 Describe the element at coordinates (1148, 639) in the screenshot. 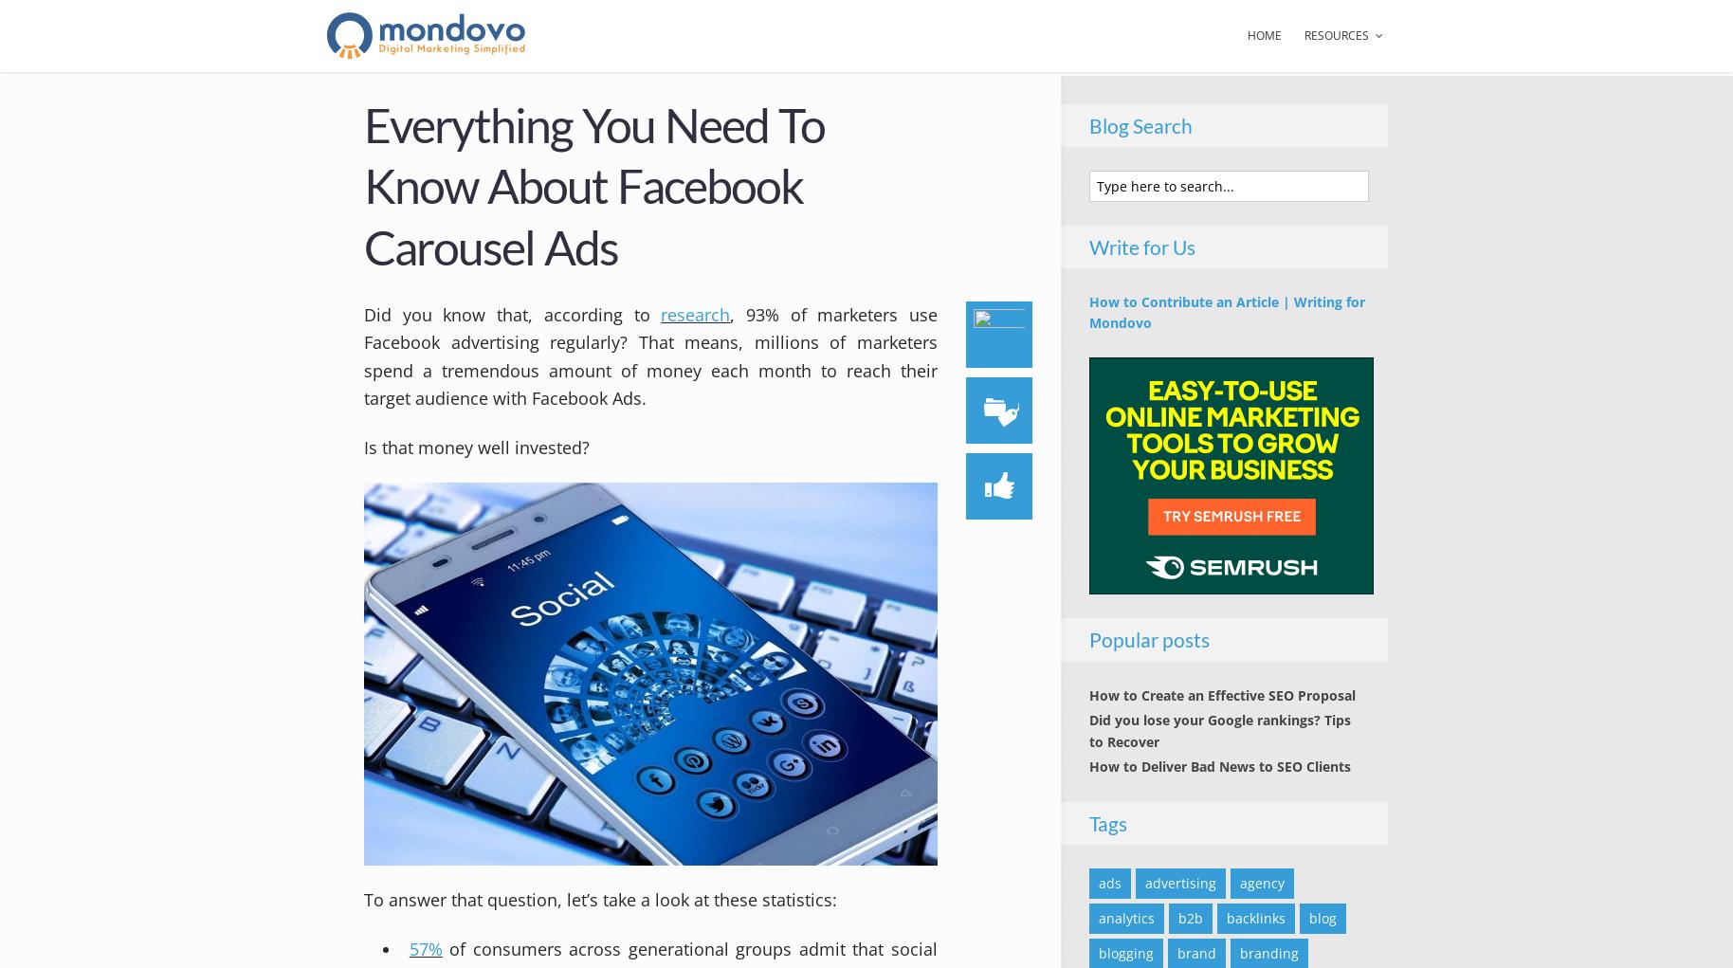

I see `'Popular posts'` at that location.